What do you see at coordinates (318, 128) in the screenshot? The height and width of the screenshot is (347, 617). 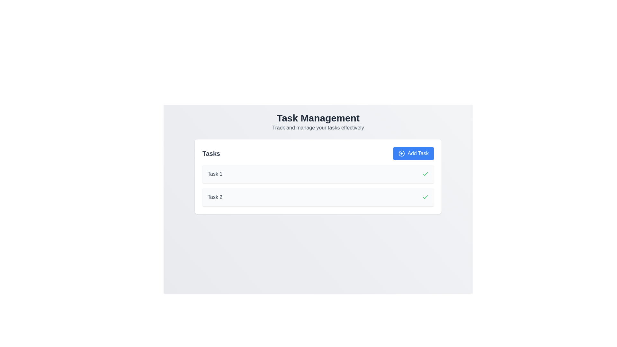 I see `supplementary description text located directly below the 'Task Management' heading at the center of the interface` at bounding box center [318, 128].